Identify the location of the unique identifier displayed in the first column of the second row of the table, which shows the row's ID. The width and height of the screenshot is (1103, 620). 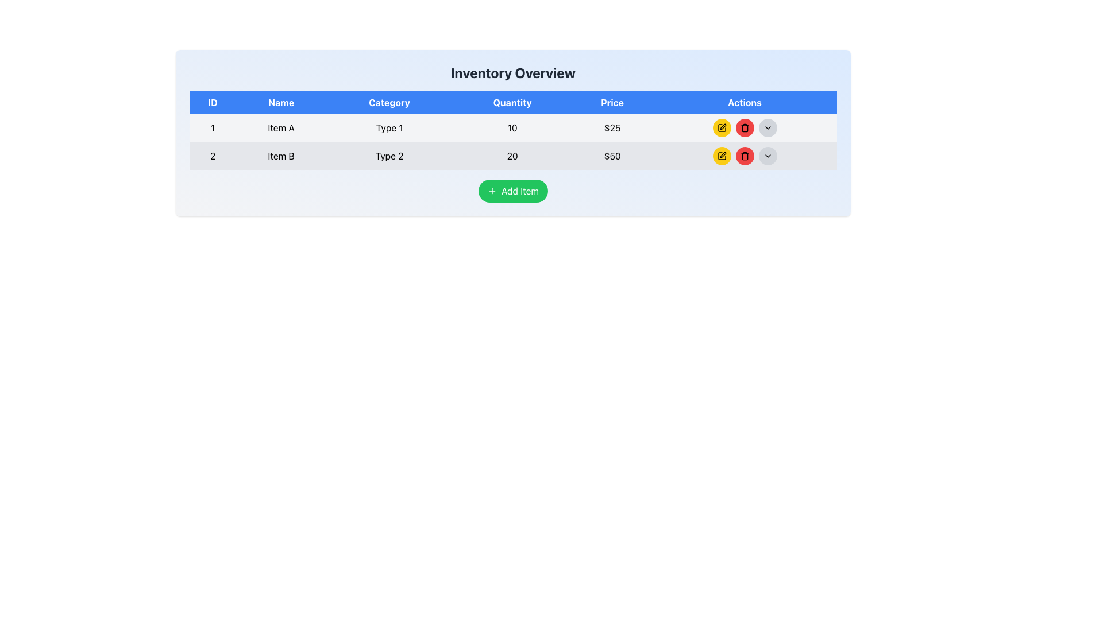
(213, 156).